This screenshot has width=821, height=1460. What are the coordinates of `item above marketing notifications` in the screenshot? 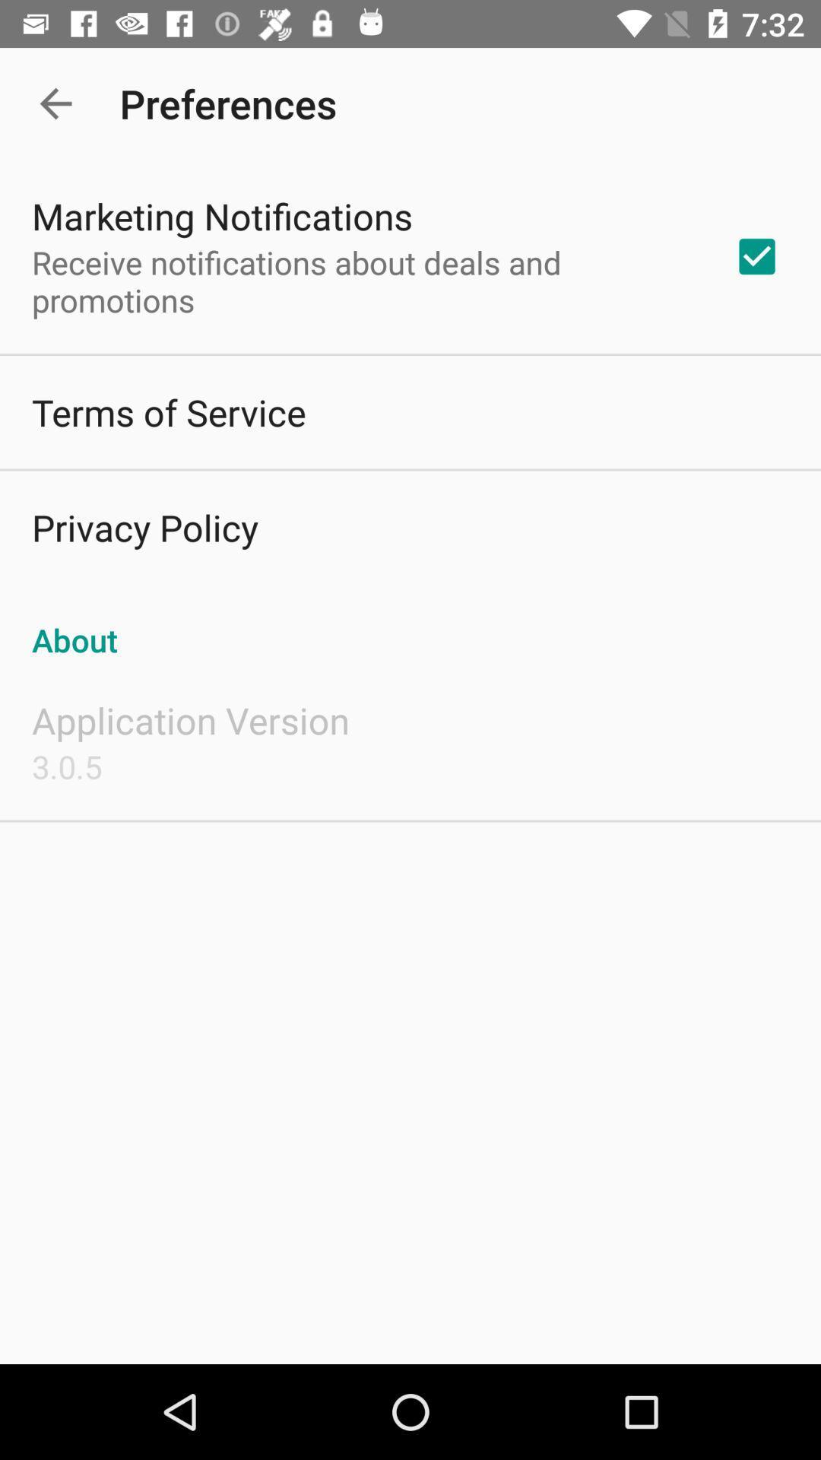 It's located at (55, 103).